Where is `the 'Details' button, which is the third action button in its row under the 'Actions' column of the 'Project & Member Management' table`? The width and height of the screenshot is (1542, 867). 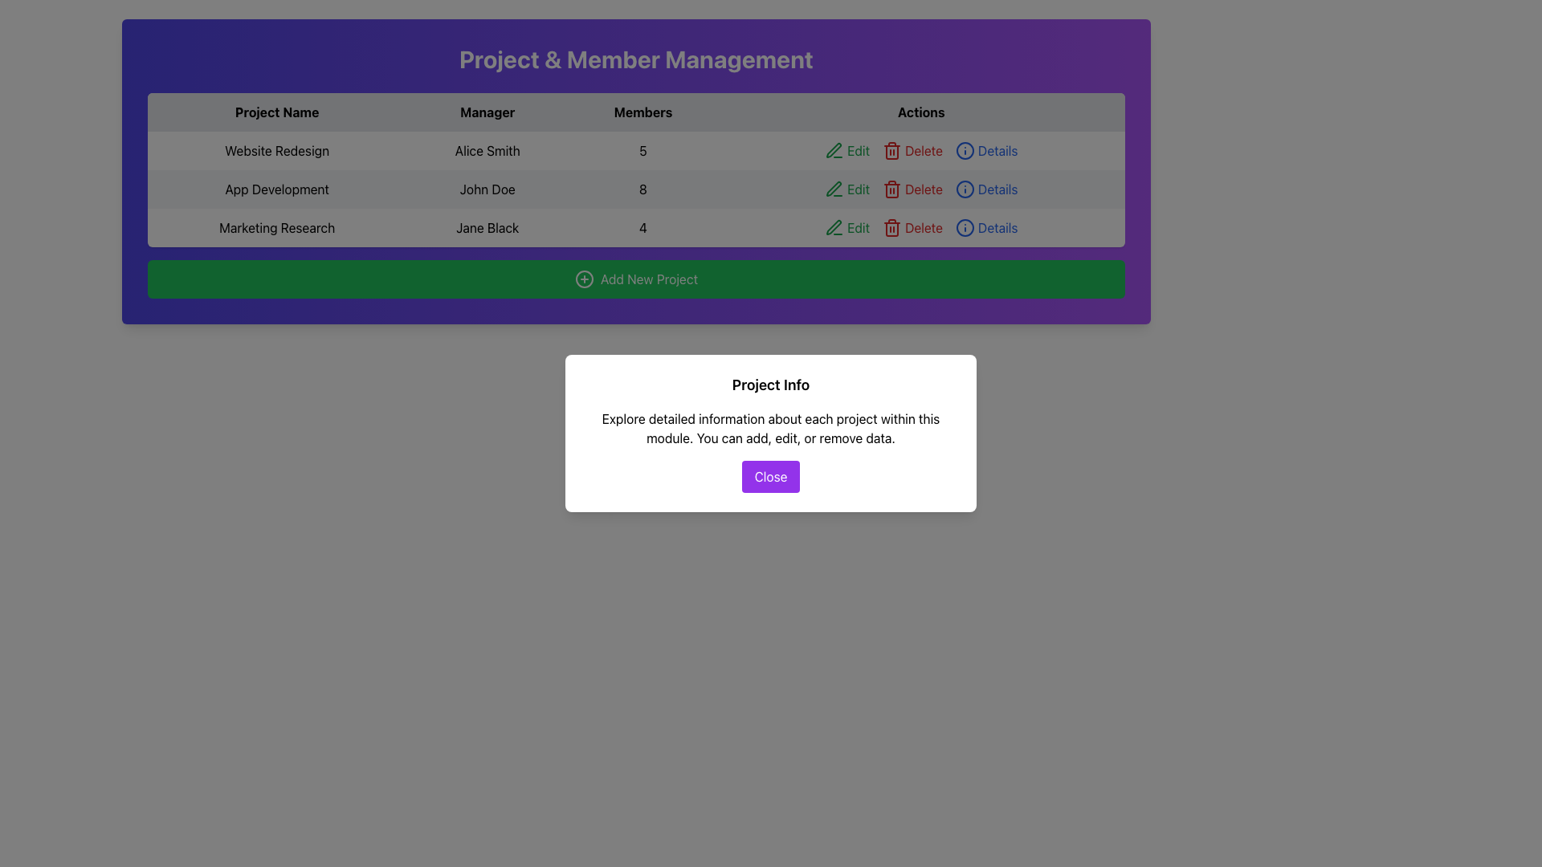
the 'Details' button, which is the third action button in its row under the 'Actions' column of the 'Project & Member Management' table is located at coordinates (985, 151).